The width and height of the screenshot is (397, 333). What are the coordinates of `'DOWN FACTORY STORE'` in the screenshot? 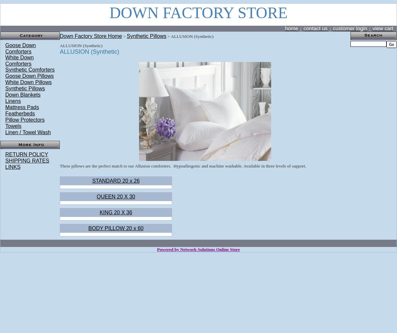 It's located at (198, 12).